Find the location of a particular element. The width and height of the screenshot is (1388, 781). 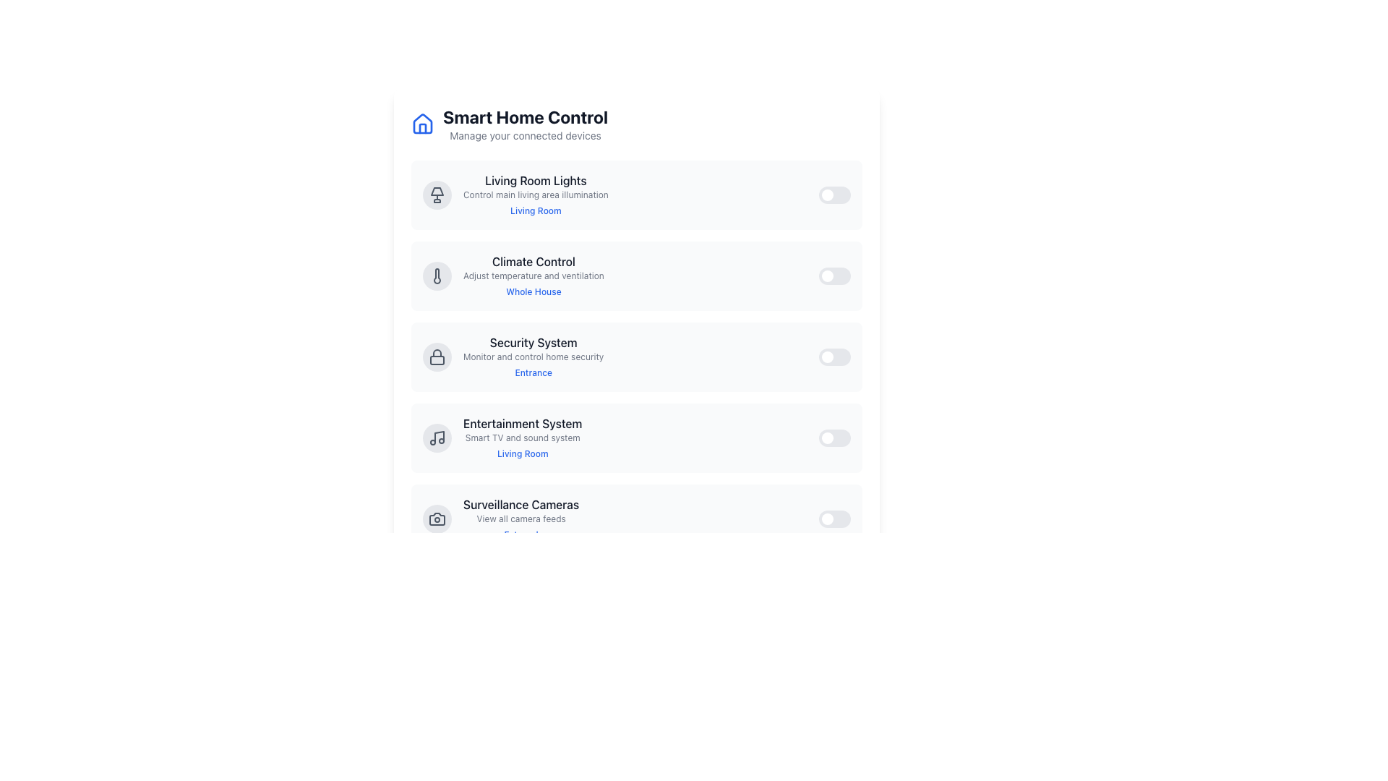

the informational list item titled 'Security System' which includes a subtitle and a link labeled 'Entrance' is located at coordinates (533, 357).